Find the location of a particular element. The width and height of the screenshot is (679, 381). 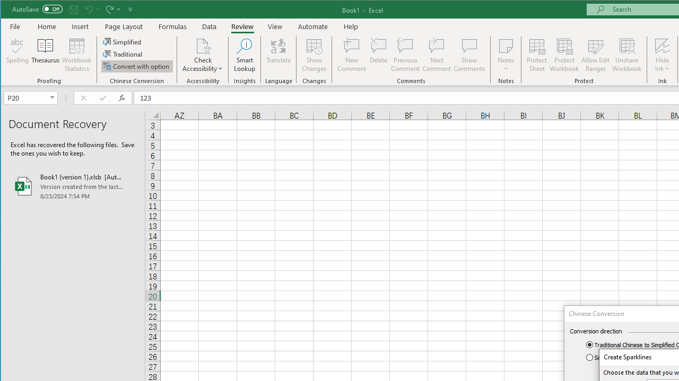

'Simplified' is located at coordinates (123, 41).